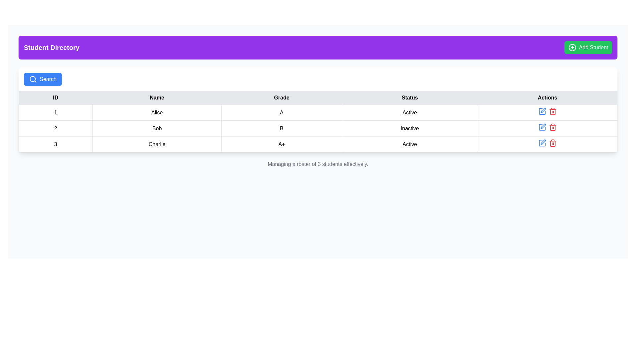 The height and width of the screenshot is (357, 636). What do you see at coordinates (56, 143) in the screenshot?
I see `the table cell containing the text '3', which is styled with a centered black numeral on a white background, located in the third row under the 'ID' column header` at bounding box center [56, 143].